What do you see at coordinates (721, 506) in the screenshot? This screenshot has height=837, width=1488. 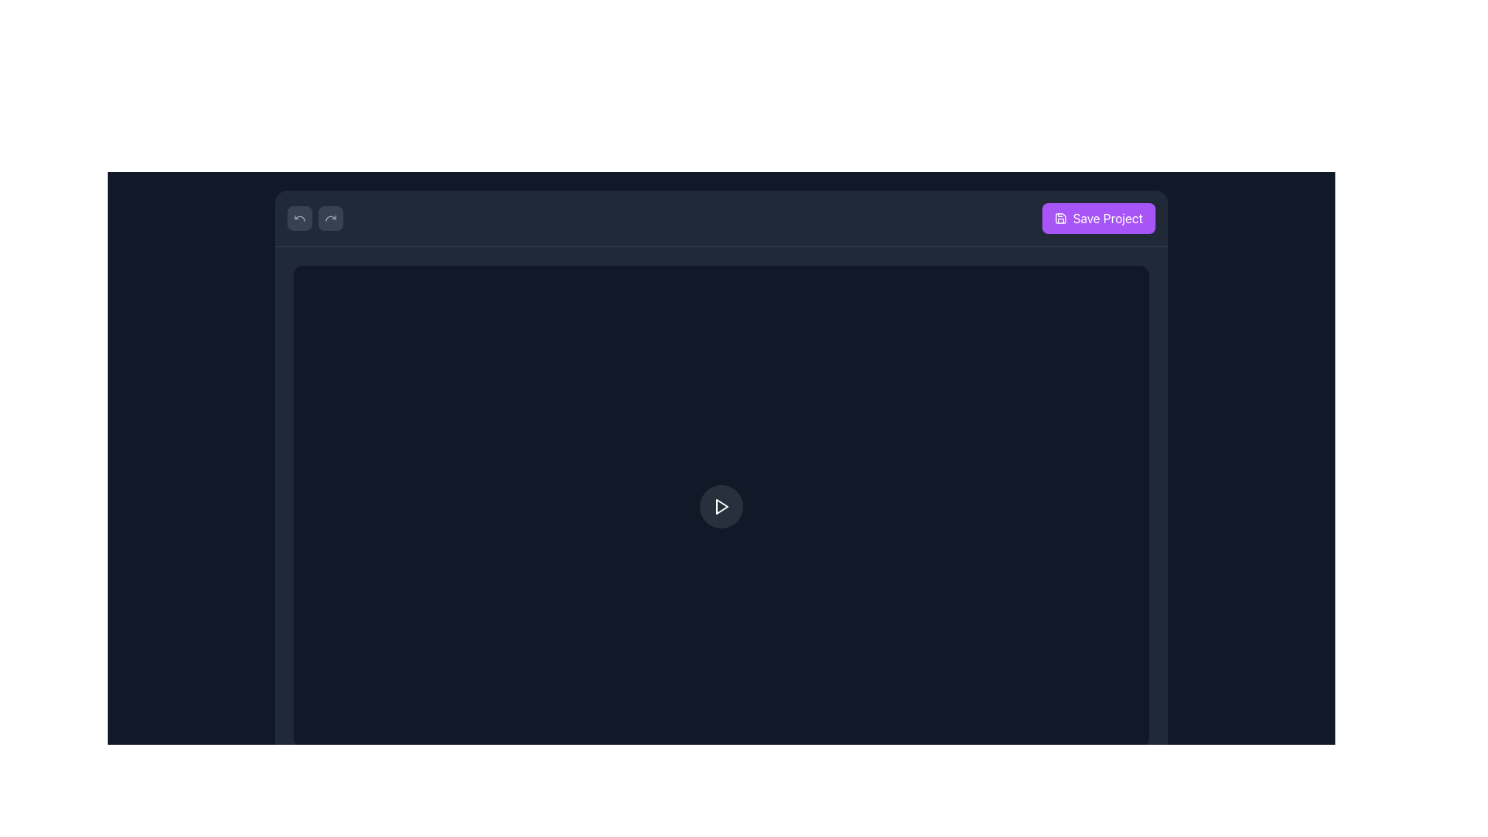 I see `the circular 'Play' button featuring a white triangular icon` at bounding box center [721, 506].